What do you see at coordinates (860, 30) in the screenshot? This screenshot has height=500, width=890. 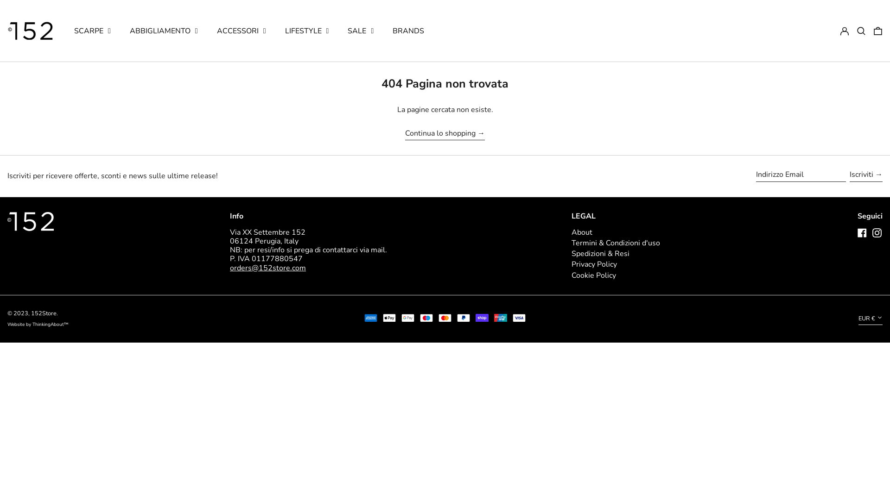 I see `'Cerca'` at bounding box center [860, 30].